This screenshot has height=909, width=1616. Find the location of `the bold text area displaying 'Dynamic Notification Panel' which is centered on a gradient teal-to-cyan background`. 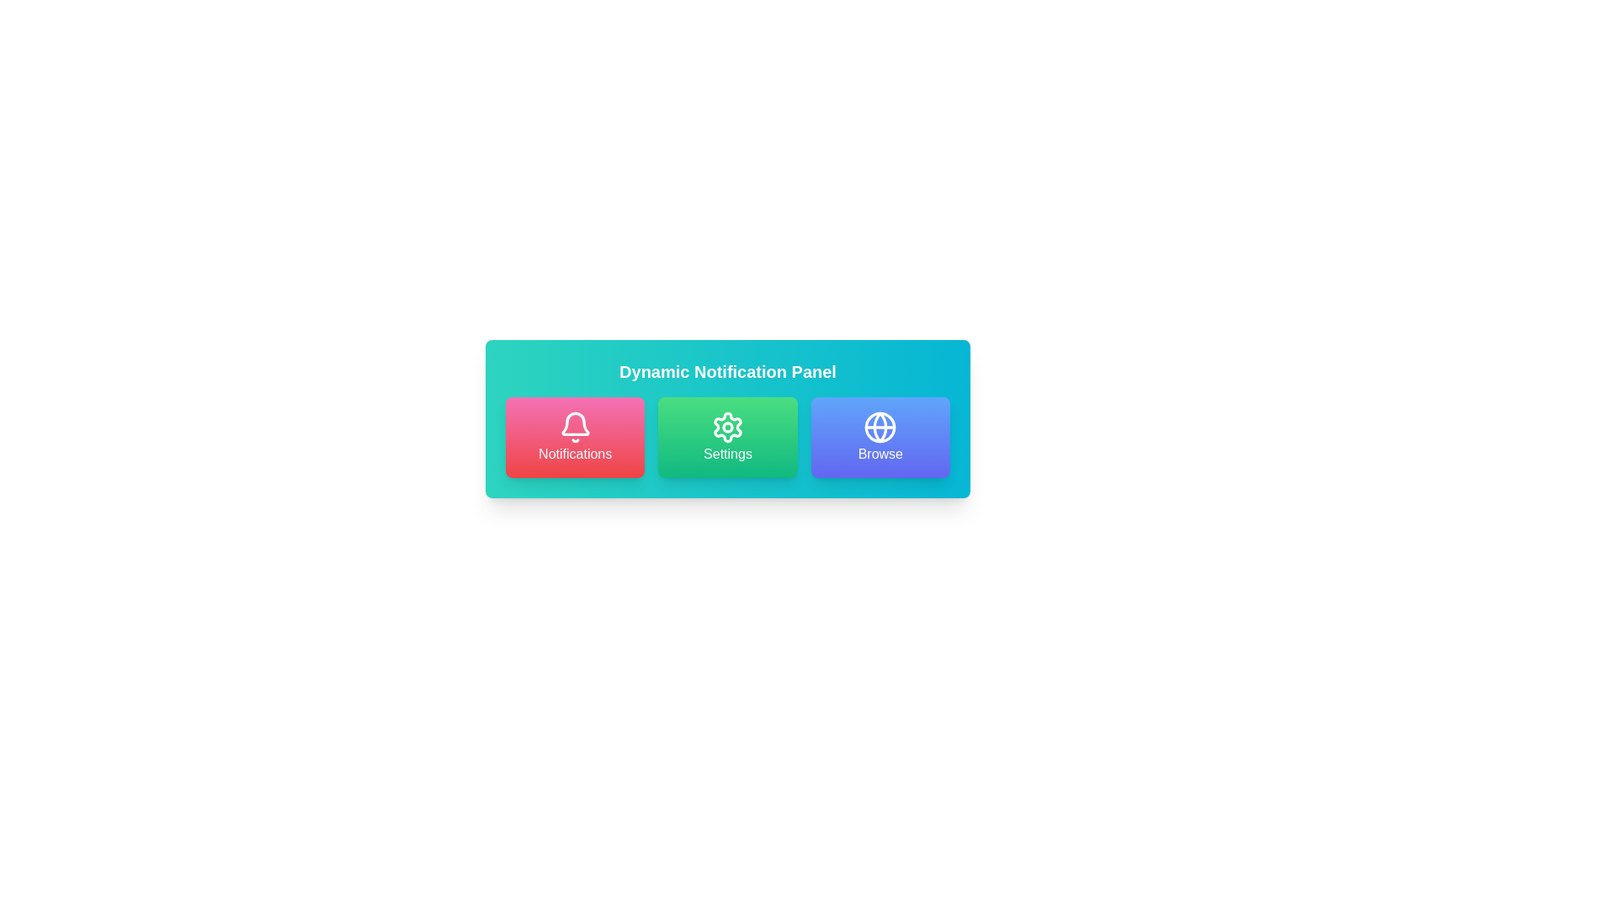

the bold text area displaying 'Dynamic Notification Panel' which is centered on a gradient teal-to-cyan background is located at coordinates (727, 371).